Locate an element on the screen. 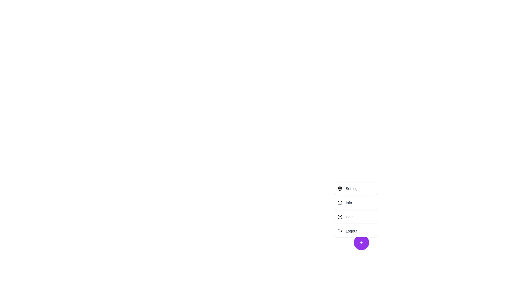 The image size is (523, 294). the menu option Logout to highlight it is located at coordinates (356, 231).